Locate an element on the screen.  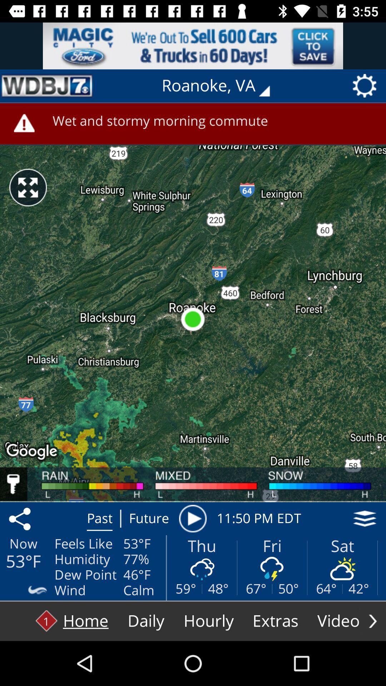
the share icon is located at coordinates (21, 518).